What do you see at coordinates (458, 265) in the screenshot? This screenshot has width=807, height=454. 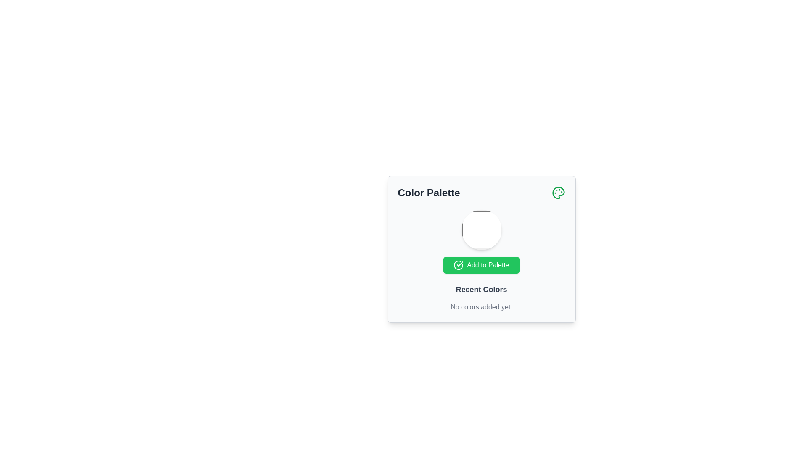 I see `the confirmation icon located within the green 'Add to Palette' button, positioned to the left of the text, which is centered beneath the 'Color Palette' heading` at bounding box center [458, 265].